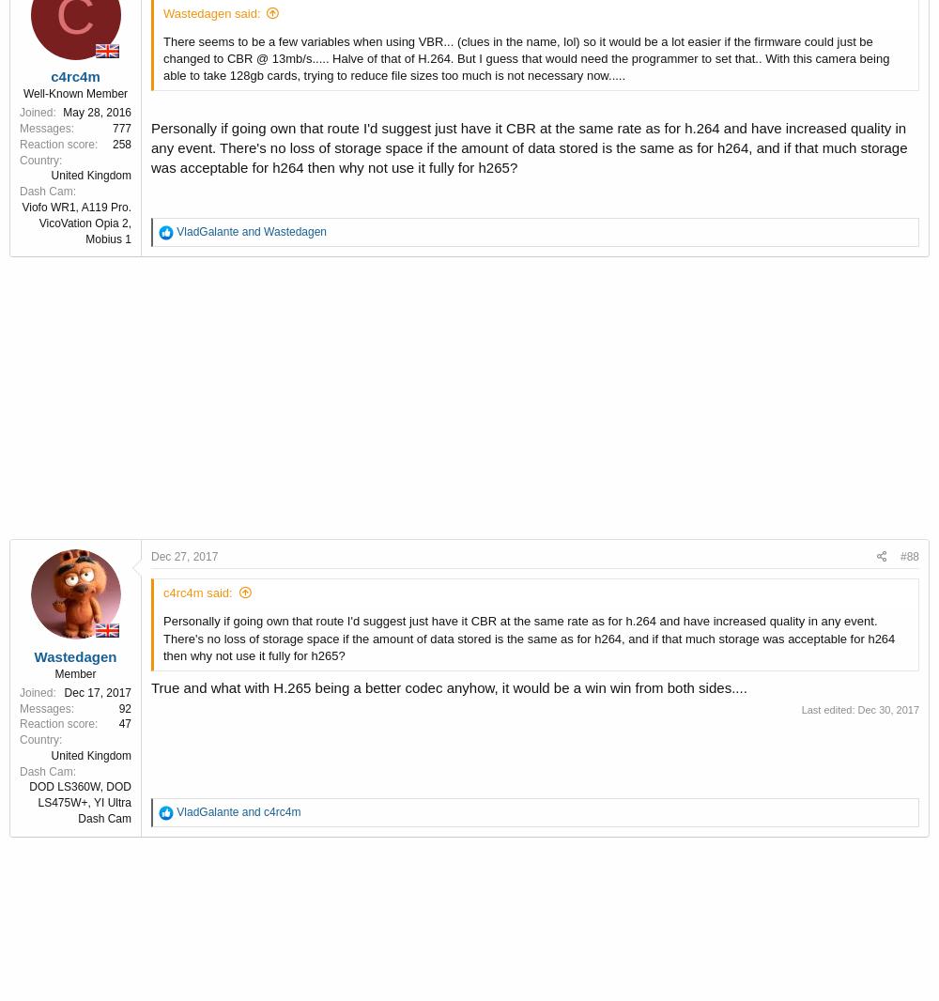 This screenshot has width=939, height=1001. Describe the element at coordinates (125, 706) in the screenshot. I see `'92'` at that location.